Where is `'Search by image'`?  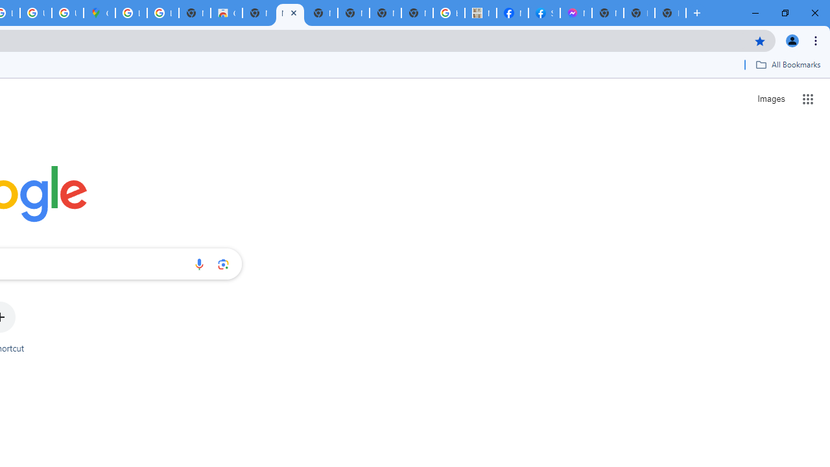 'Search by image' is located at coordinates (223, 263).